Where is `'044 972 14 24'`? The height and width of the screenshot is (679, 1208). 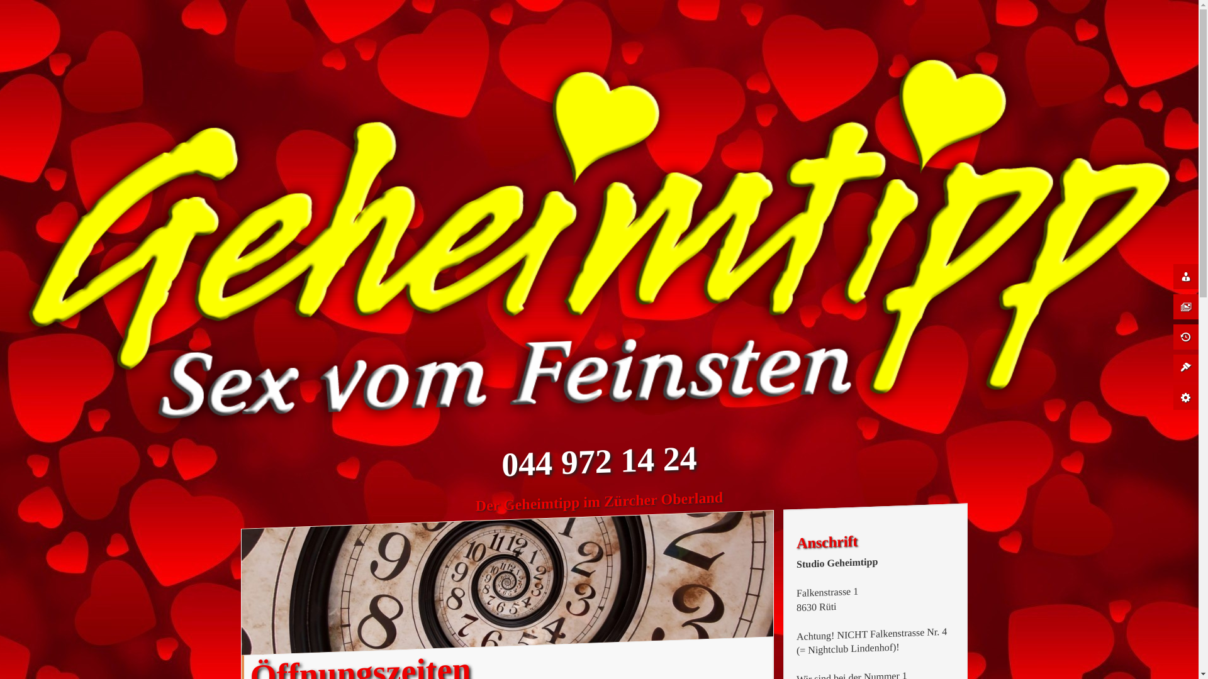
'044 972 14 24' is located at coordinates (598, 458).